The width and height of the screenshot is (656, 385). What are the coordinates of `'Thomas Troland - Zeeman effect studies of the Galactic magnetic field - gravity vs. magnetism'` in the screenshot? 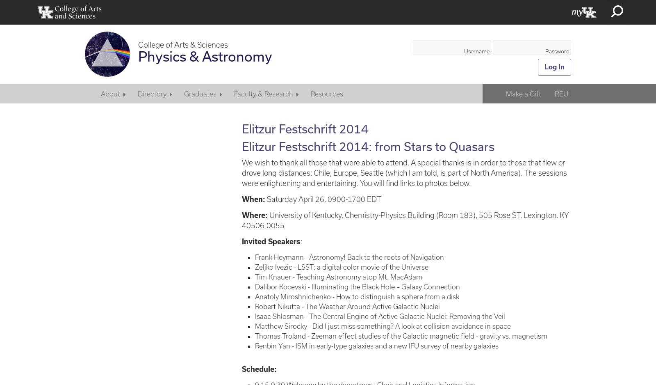 It's located at (255, 335).